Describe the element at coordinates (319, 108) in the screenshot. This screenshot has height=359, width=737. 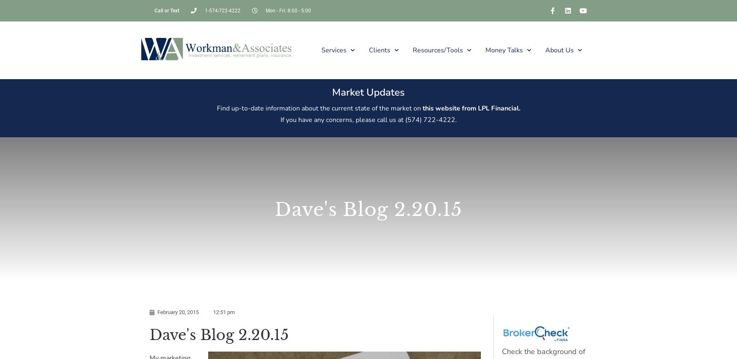
I see `'Find up-to-date information about the current state of the market on'` at that location.